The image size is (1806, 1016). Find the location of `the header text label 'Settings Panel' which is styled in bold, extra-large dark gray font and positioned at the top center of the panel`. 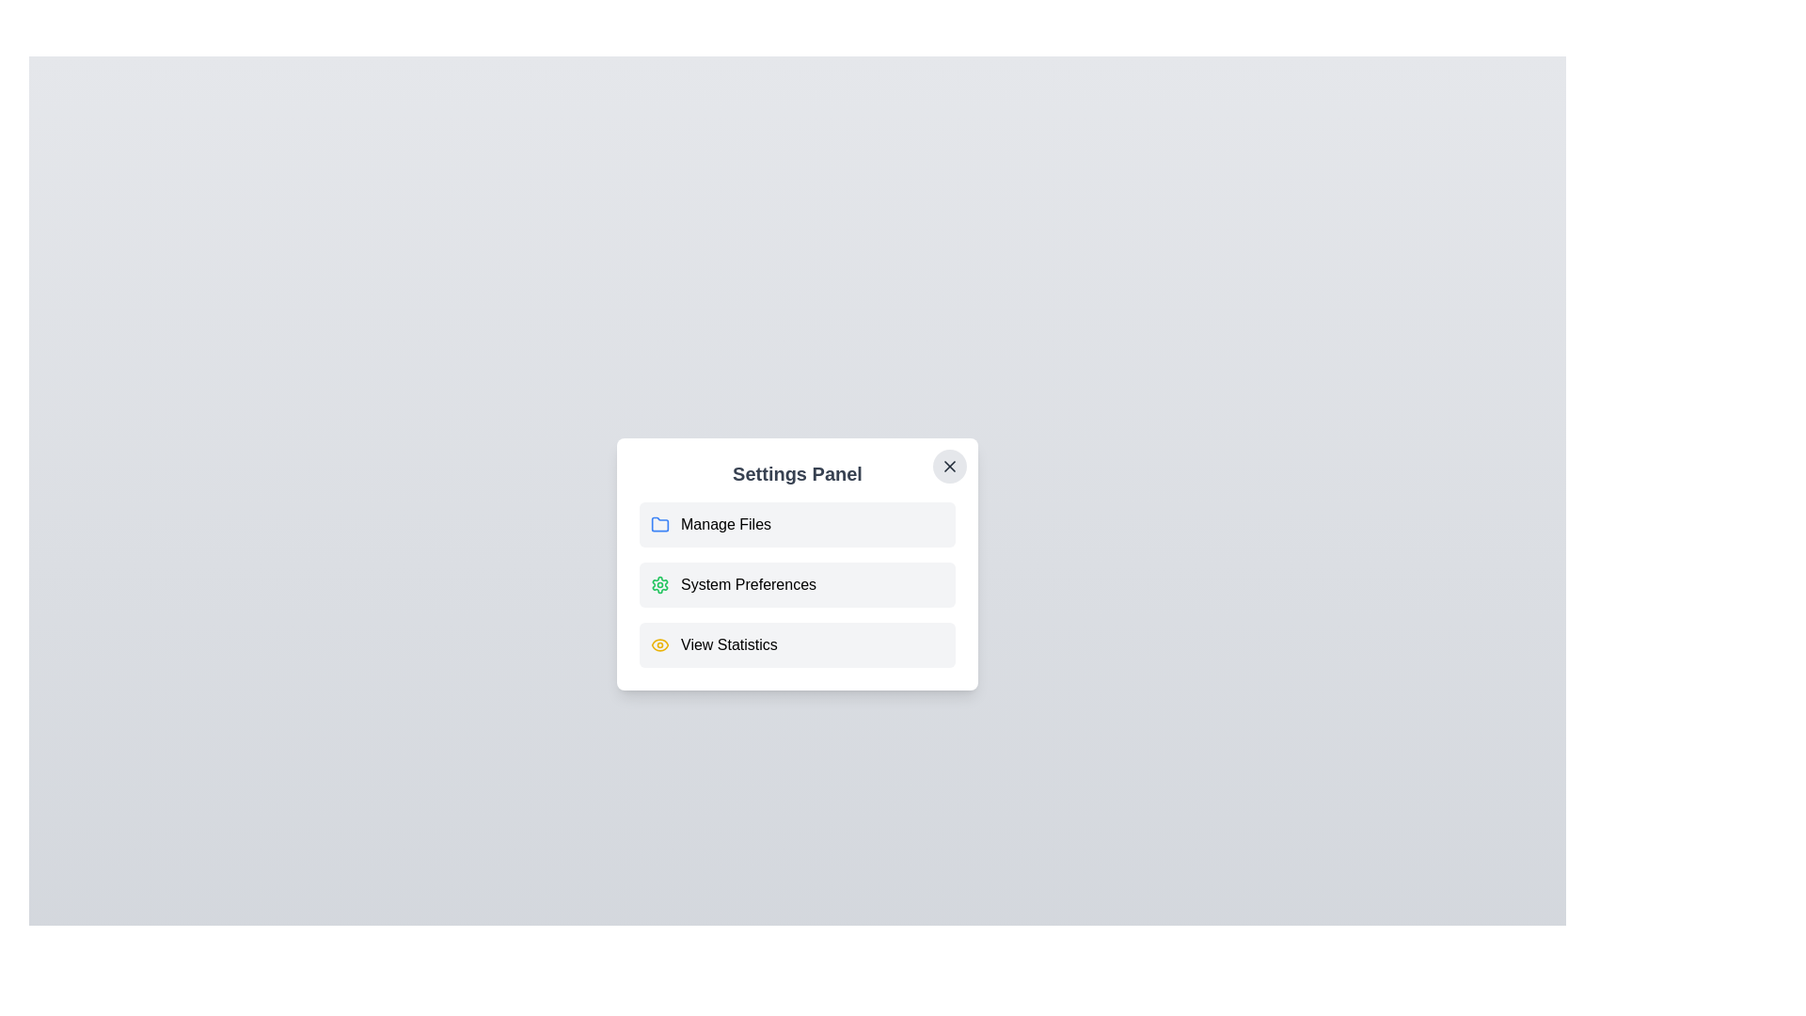

the header text label 'Settings Panel' which is styled in bold, extra-large dark gray font and positioned at the top center of the panel is located at coordinates (798, 473).